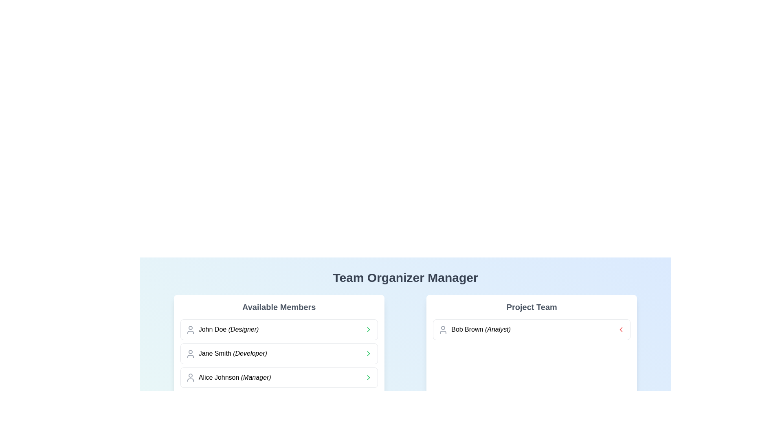  I want to click on the third entry in the 'Available Members' list, so click(279, 377).